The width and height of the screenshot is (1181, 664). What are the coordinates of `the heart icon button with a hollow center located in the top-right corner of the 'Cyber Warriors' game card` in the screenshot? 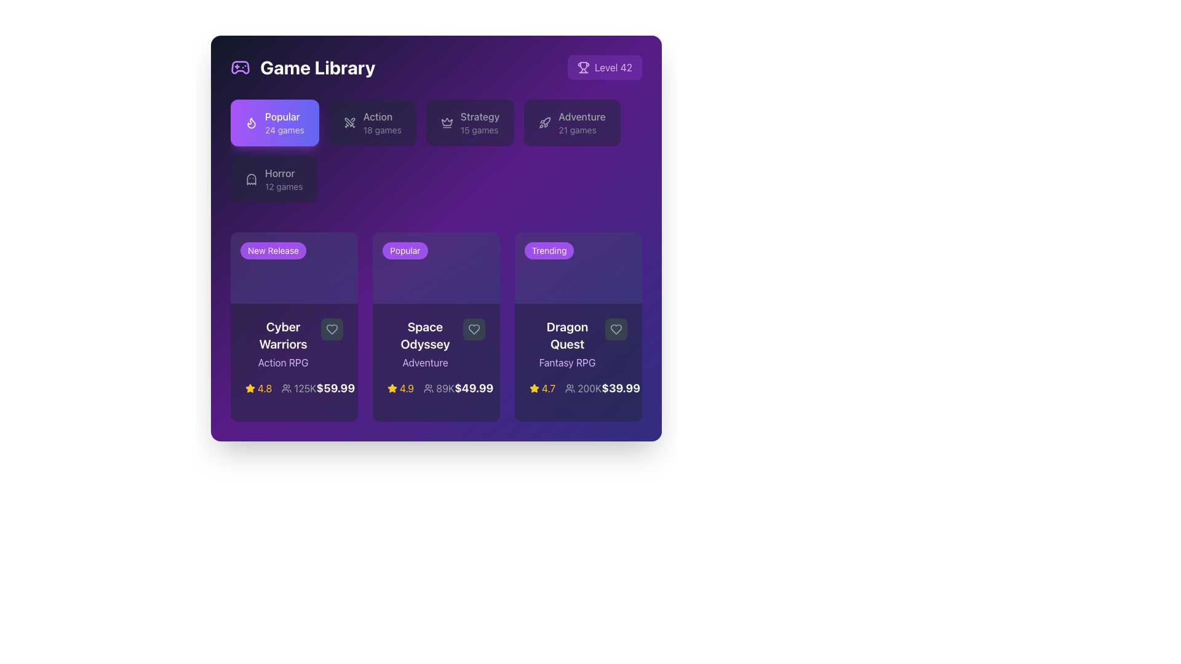 It's located at (332, 329).